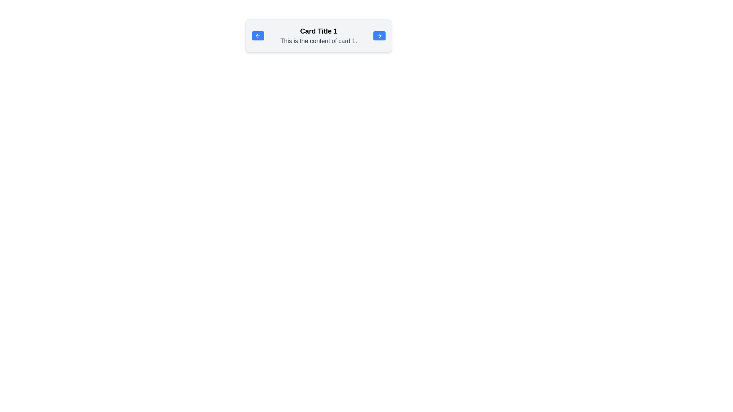 Image resolution: width=733 pixels, height=412 pixels. Describe the element at coordinates (379, 35) in the screenshot. I see `the button with rounded corners, blue background, and white text that indicates forward navigation` at that location.